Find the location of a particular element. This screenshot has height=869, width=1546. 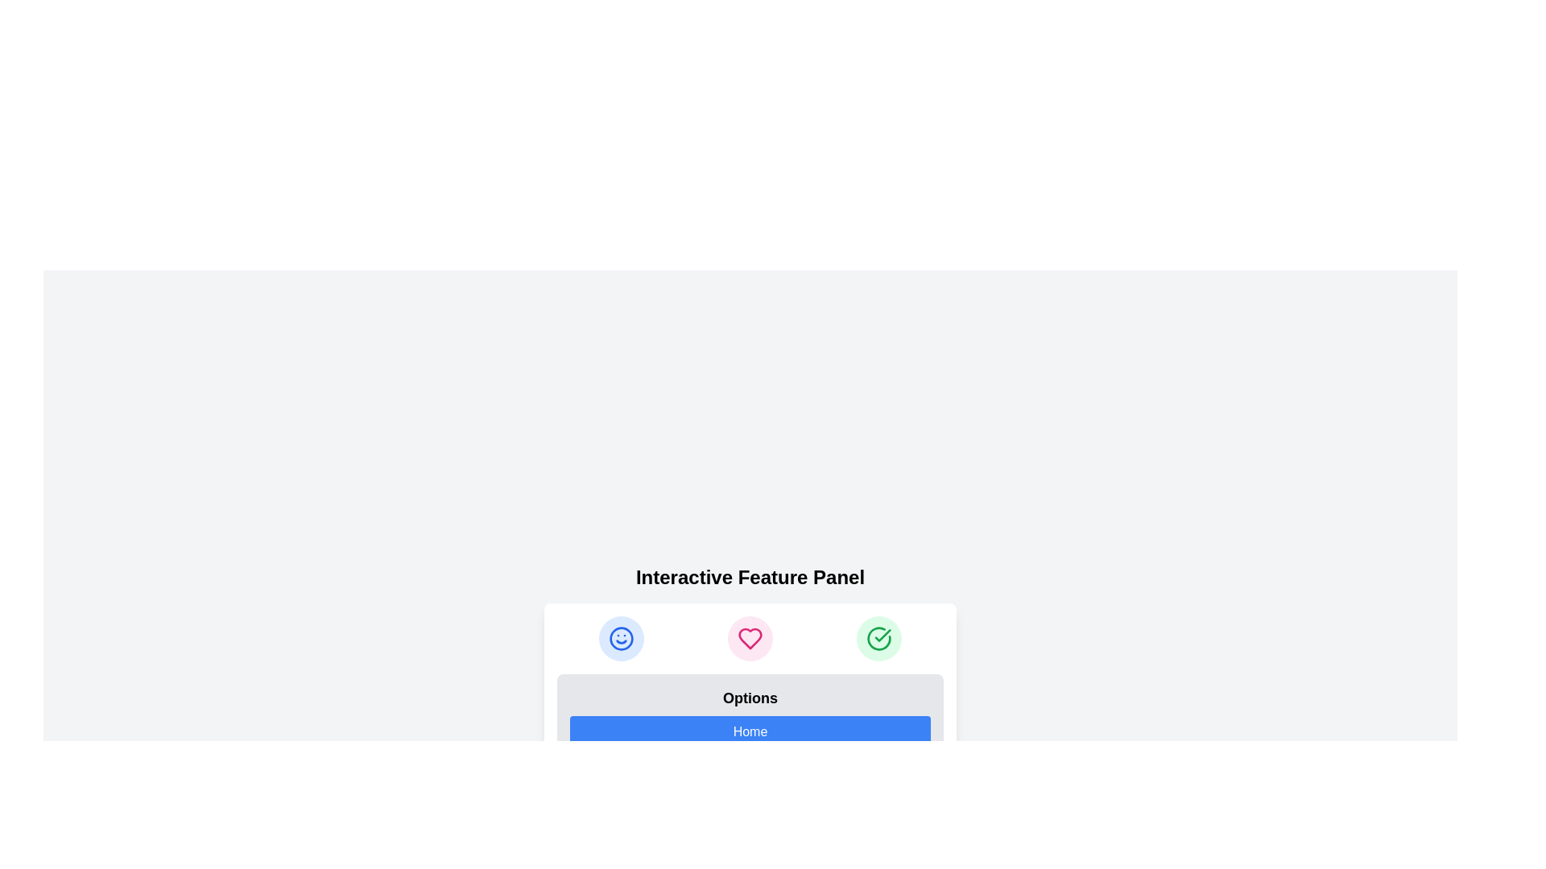

the success icon located at the rightmost position in a series of three circular icons, below the 'Interactive Feature Panel' text and above the 'Options' bar is located at coordinates (878, 638).